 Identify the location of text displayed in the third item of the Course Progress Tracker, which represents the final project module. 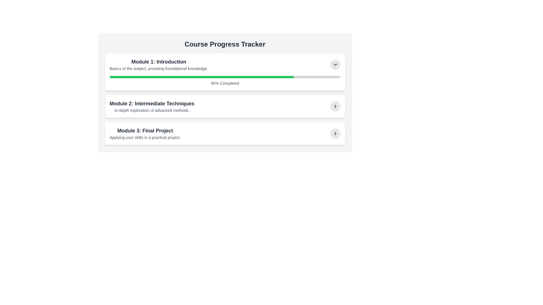
(145, 134).